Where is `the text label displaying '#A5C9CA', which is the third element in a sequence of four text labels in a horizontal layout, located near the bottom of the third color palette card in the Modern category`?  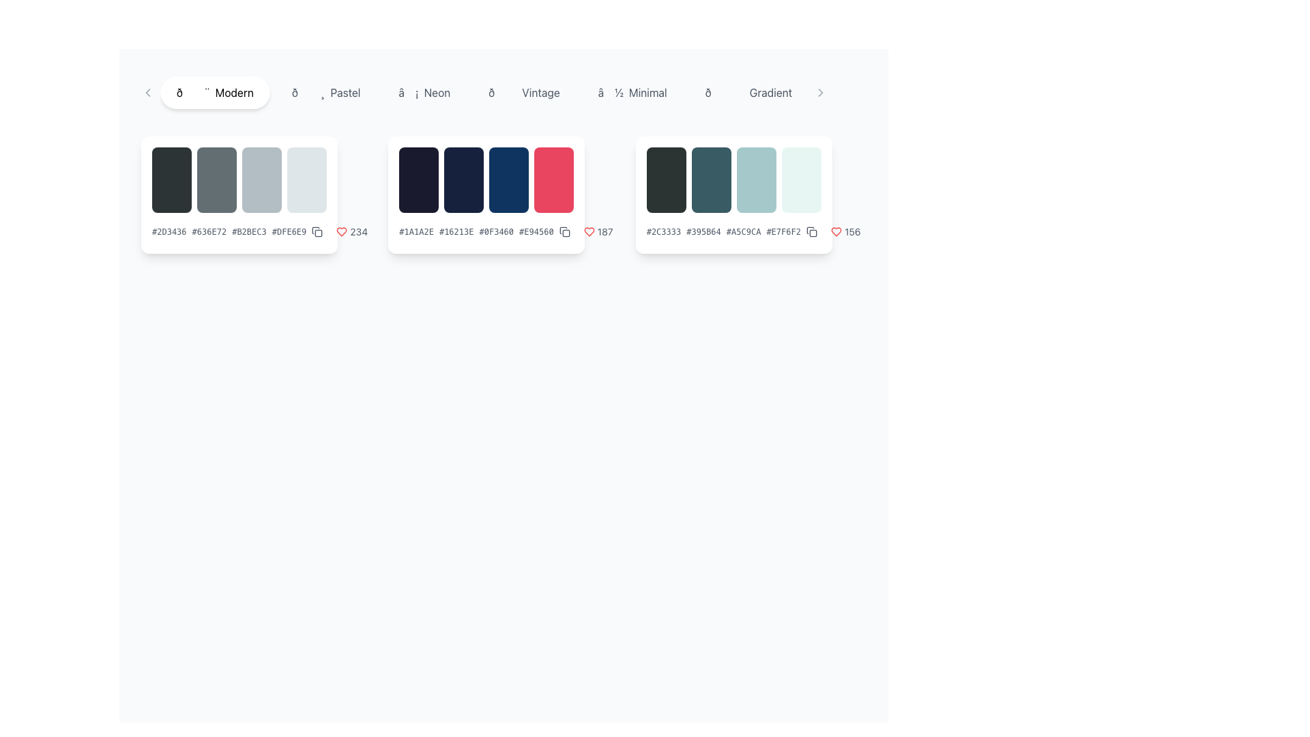 the text label displaying '#A5C9CA', which is the third element in a sequence of four text labels in a horizontal layout, located near the bottom of the third color palette card in the Modern category is located at coordinates (743, 231).